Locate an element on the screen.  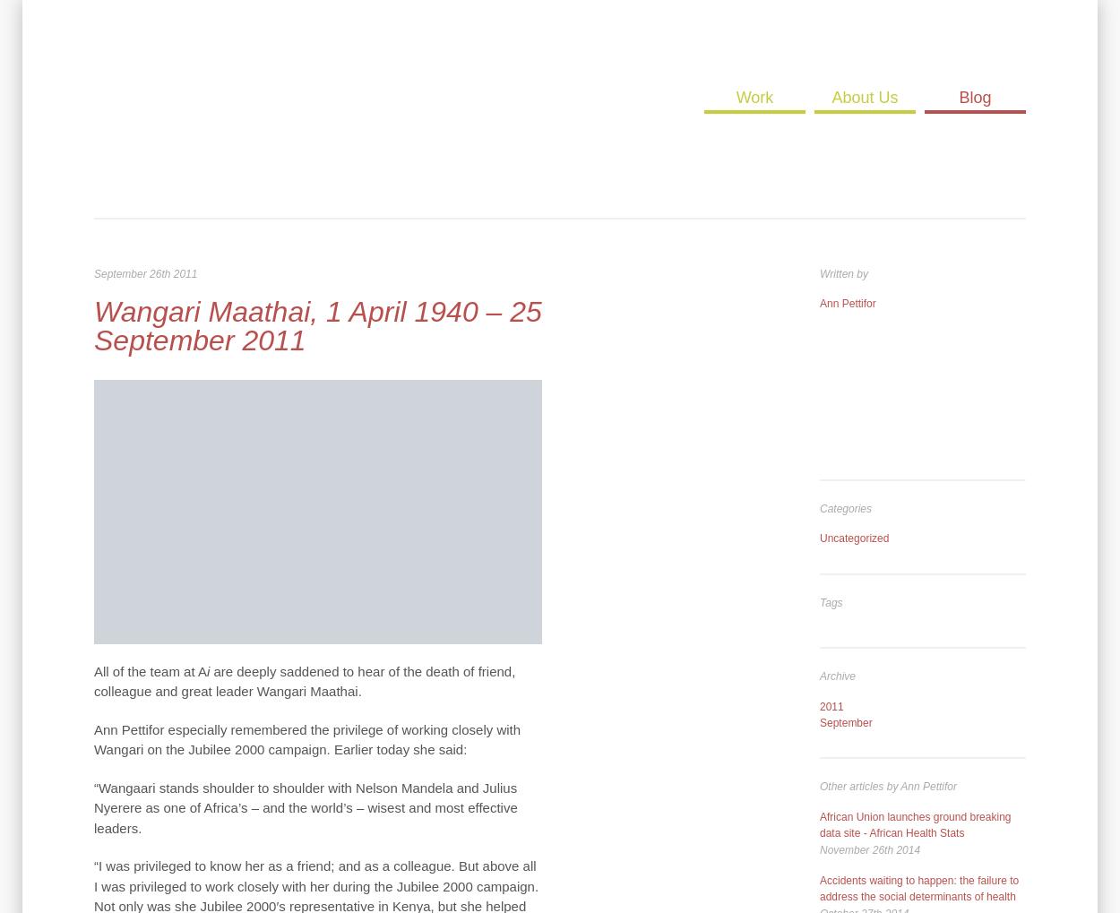
'African Union launches ground breaking data site - African Health Stats' is located at coordinates (915, 823).